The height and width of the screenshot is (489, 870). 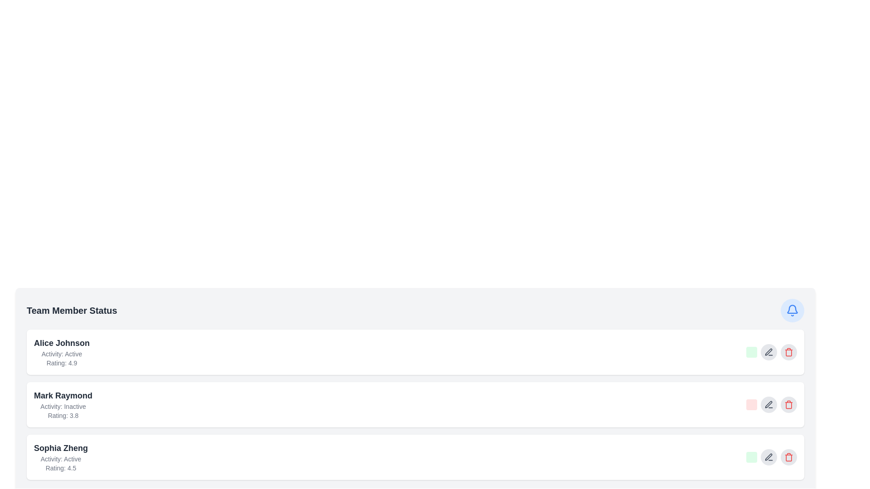 What do you see at coordinates (768, 351) in the screenshot?
I see `the edit icon in the second row of the 'Team Member Status' list for accessibility navigation` at bounding box center [768, 351].